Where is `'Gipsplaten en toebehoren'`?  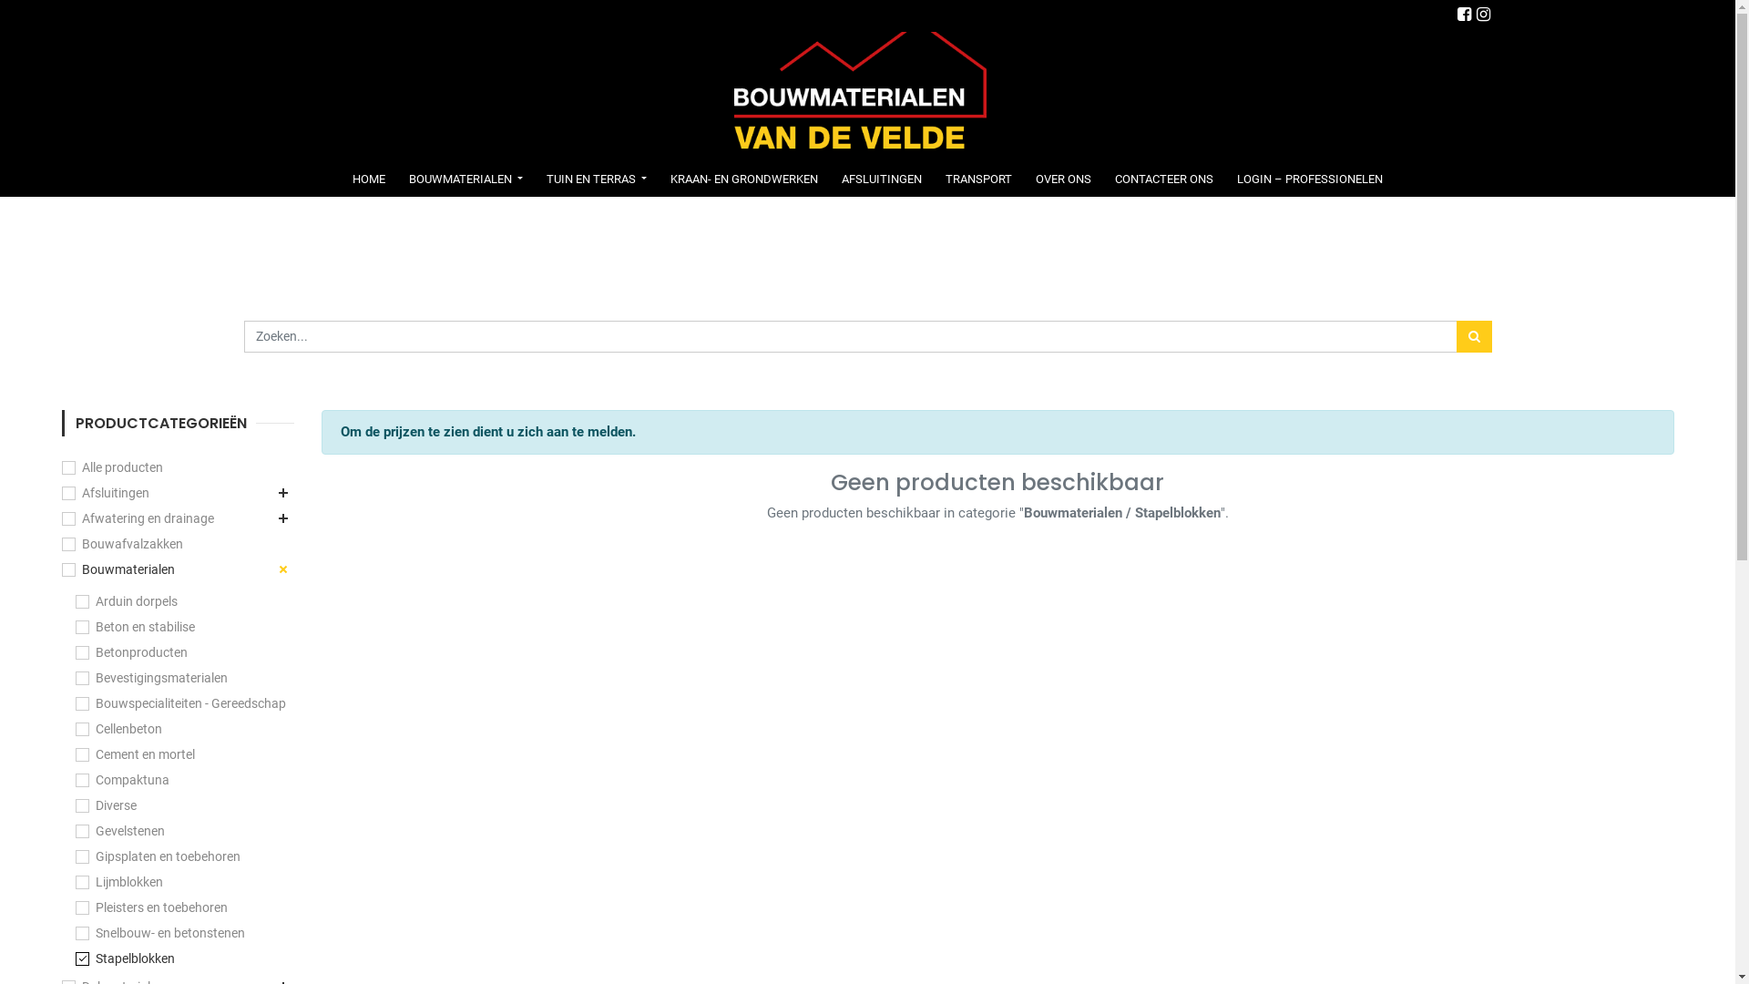
'Gipsplaten en toebehoren' is located at coordinates (157, 856).